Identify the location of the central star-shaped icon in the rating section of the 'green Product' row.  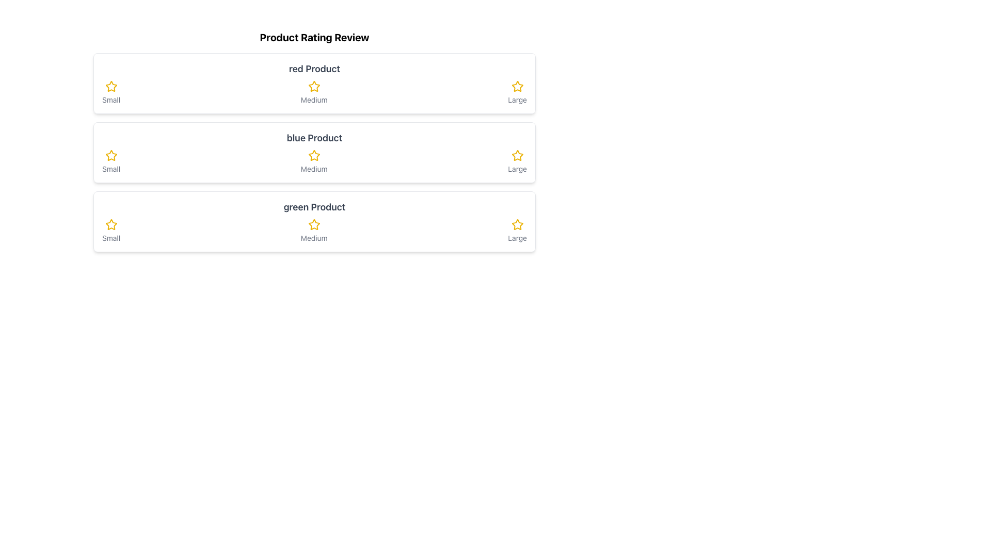
(313, 224).